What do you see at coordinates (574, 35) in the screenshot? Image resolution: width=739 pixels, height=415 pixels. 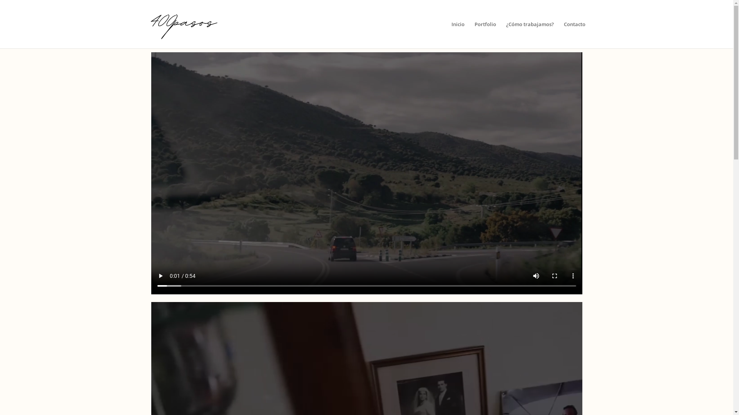 I see `'Contacto'` at bounding box center [574, 35].